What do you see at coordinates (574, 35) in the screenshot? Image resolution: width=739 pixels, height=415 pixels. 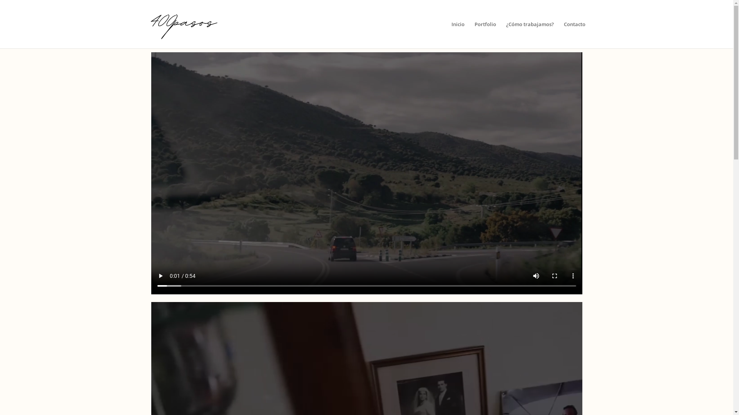 I see `'Contacto'` at bounding box center [574, 35].